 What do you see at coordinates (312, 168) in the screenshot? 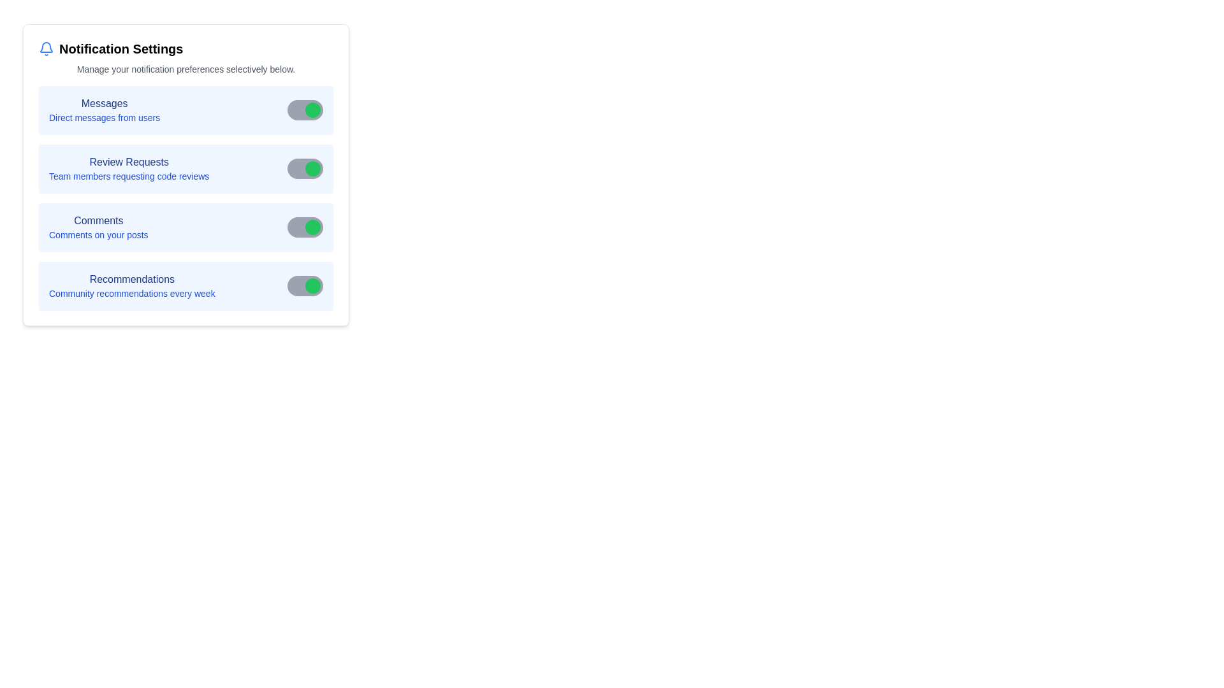
I see `the toggle handle, which is a small circular indicator with a white border and green fill for the 'Review Requests' section` at bounding box center [312, 168].